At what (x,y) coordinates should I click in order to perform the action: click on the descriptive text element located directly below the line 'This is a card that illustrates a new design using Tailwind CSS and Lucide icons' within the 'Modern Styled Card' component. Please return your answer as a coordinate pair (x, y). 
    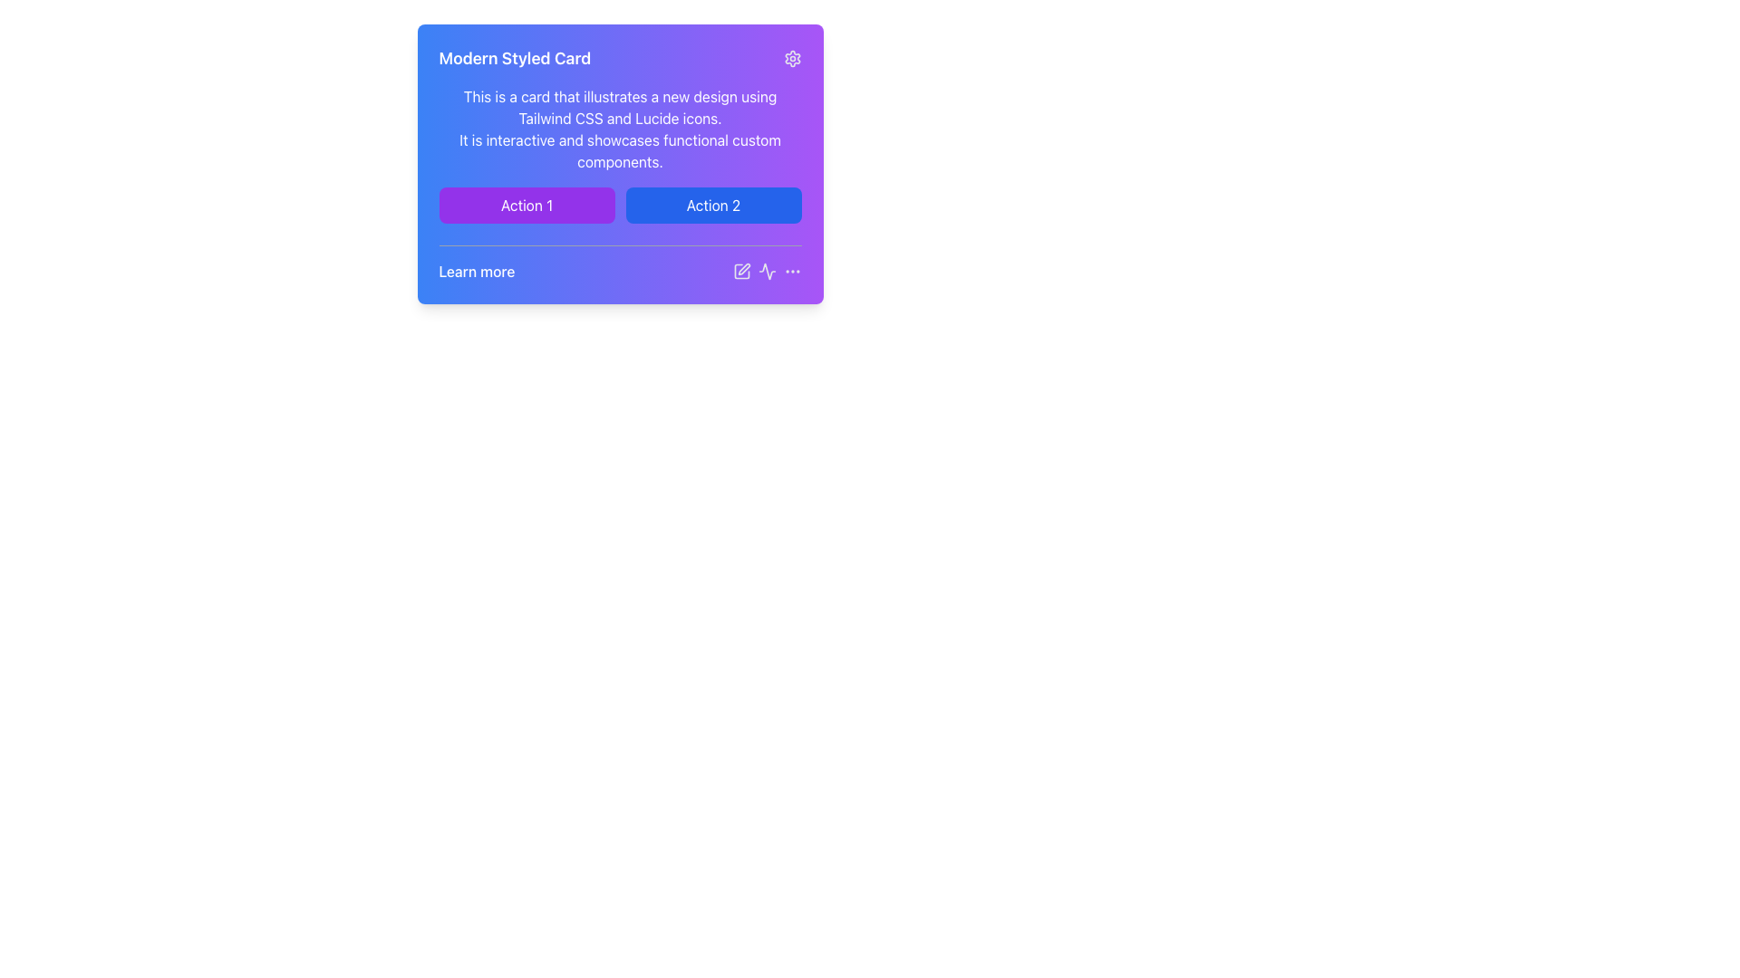
    Looking at the image, I should click on (620, 149).